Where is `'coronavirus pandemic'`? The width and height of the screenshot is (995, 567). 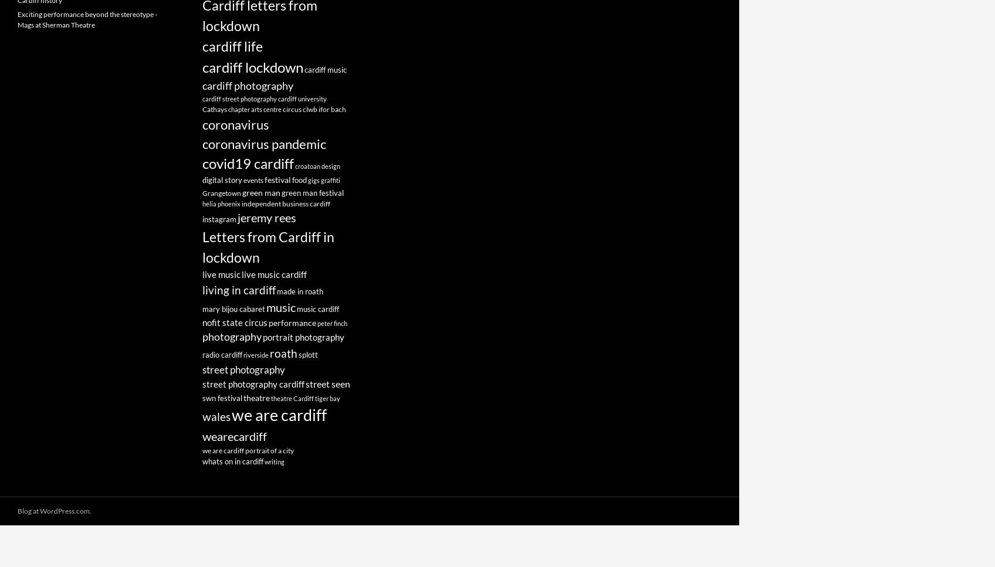
'coronavirus pandemic' is located at coordinates (202, 144).